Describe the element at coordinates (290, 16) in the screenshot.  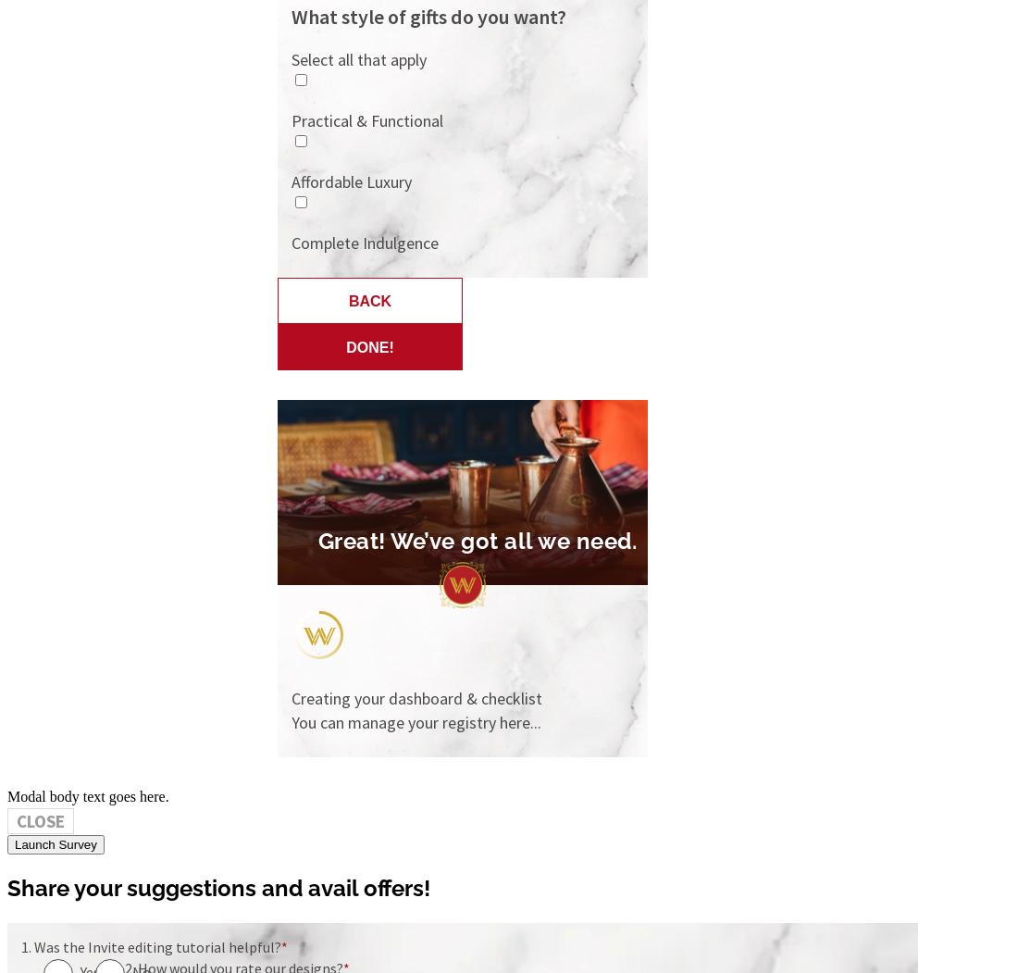
I see `'What style of gifts do you want?'` at that location.